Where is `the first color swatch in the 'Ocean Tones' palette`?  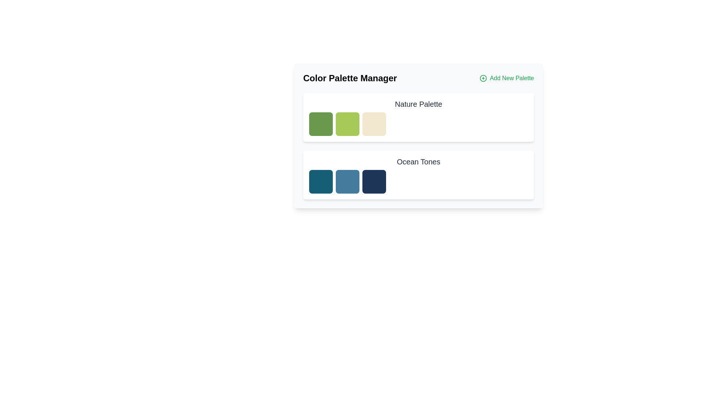 the first color swatch in the 'Ocean Tones' palette is located at coordinates (321, 182).